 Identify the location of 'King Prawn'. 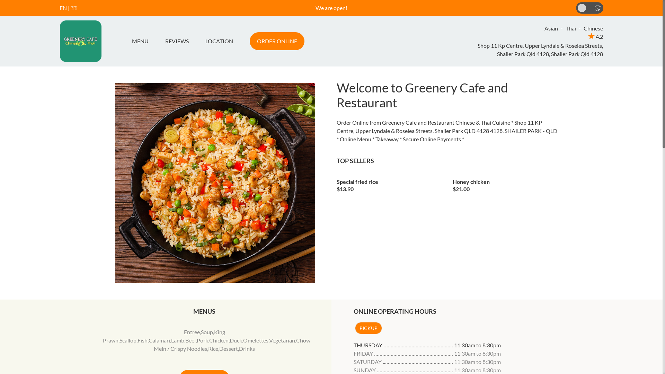
(163, 336).